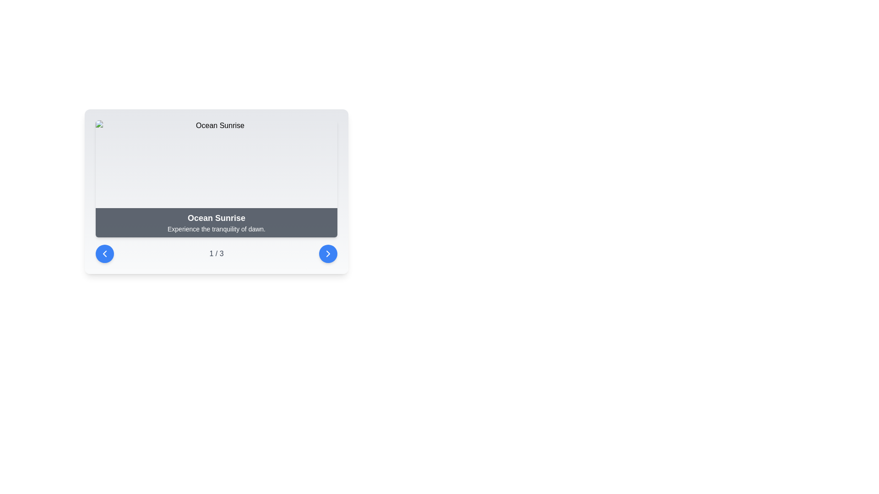  I want to click on the pagination component displaying '1 / 3', which is centered horizontally between two navigation buttons in the footer section, so click(216, 254).